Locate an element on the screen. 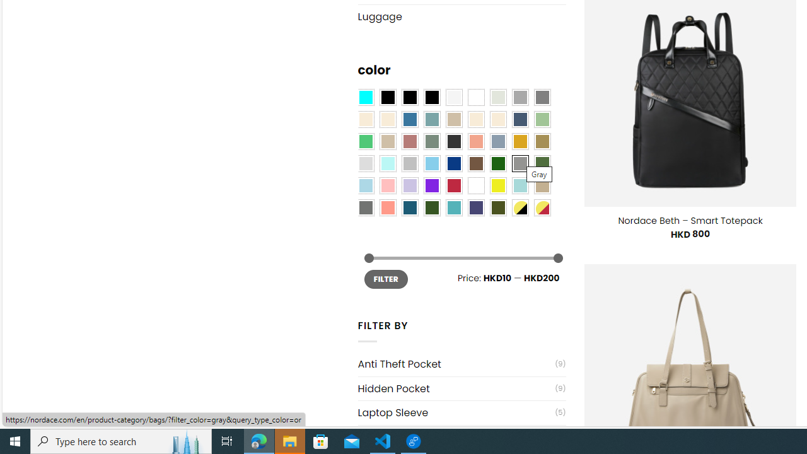  'Forest' is located at coordinates (431, 207).